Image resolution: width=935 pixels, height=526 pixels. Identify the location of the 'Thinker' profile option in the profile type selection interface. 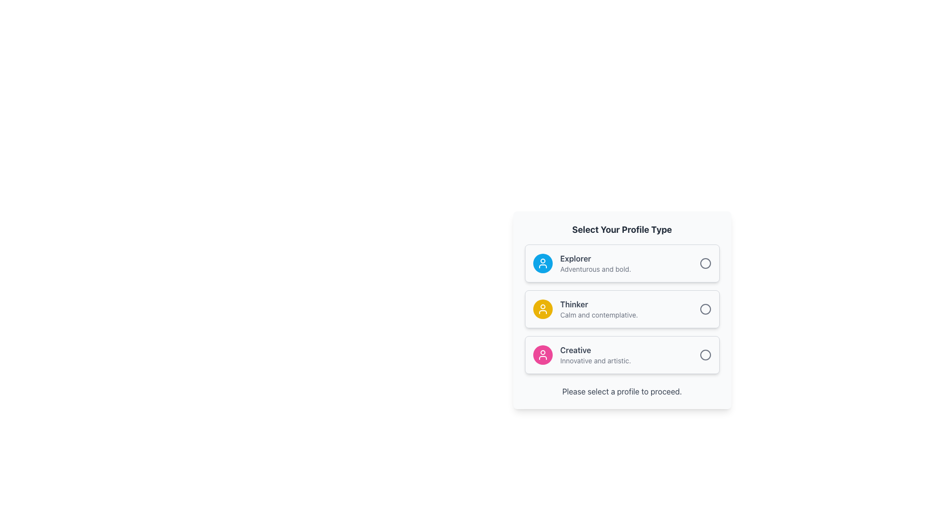
(621, 309).